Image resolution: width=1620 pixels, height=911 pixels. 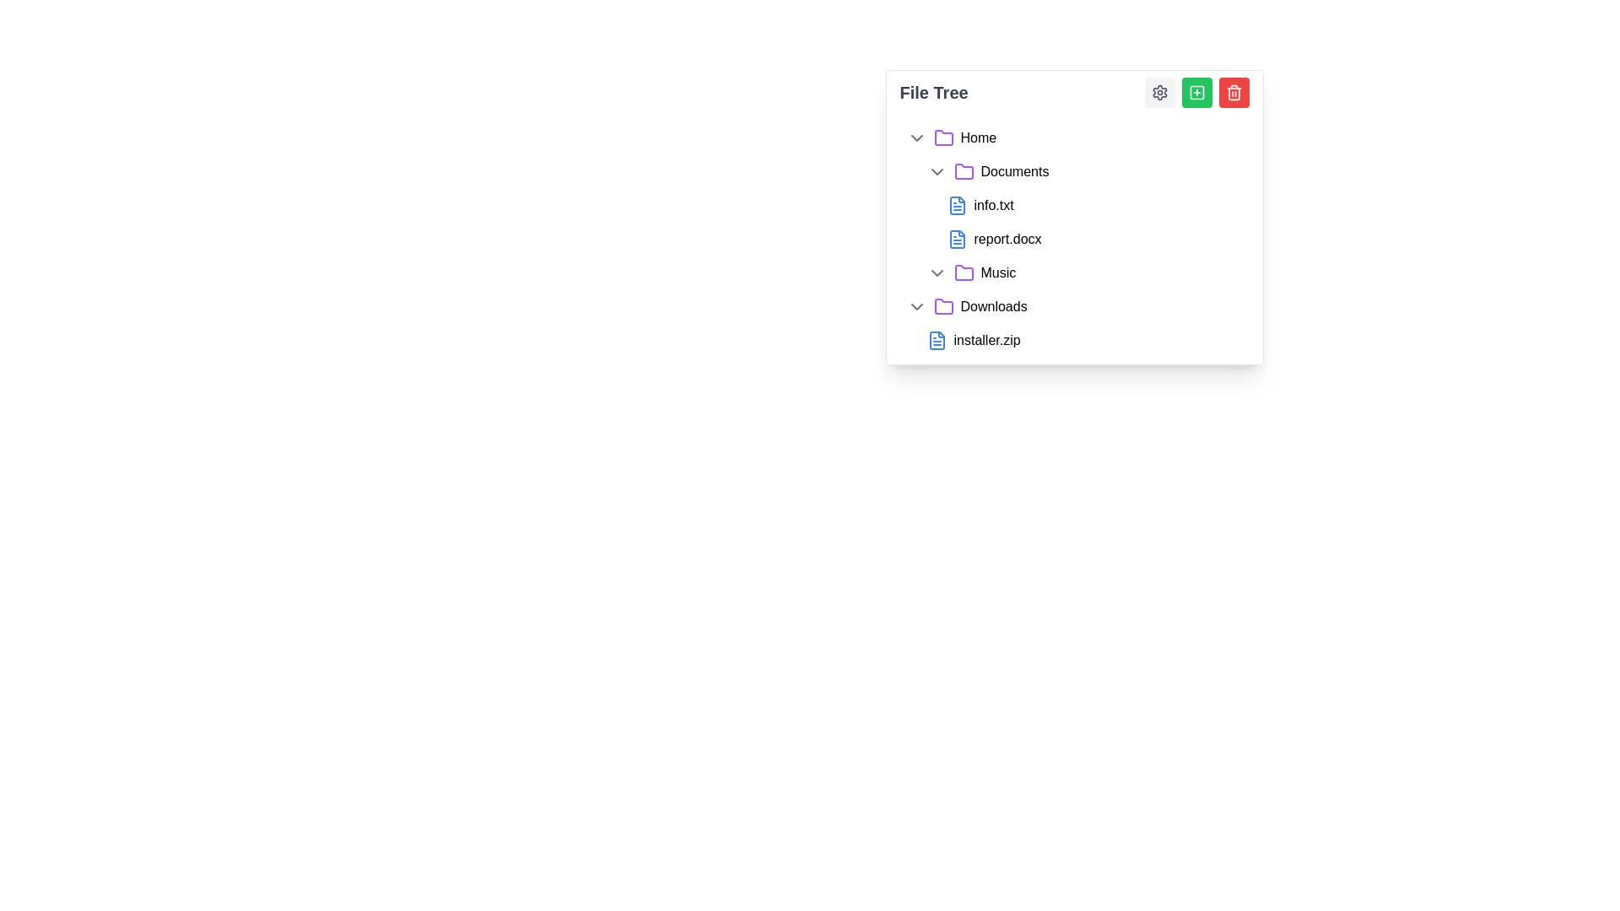 What do you see at coordinates (936, 272) in the screenshot?
I see `the downward-facing arrow icon next to the 'Music' label` at bounding box center [936, 272].